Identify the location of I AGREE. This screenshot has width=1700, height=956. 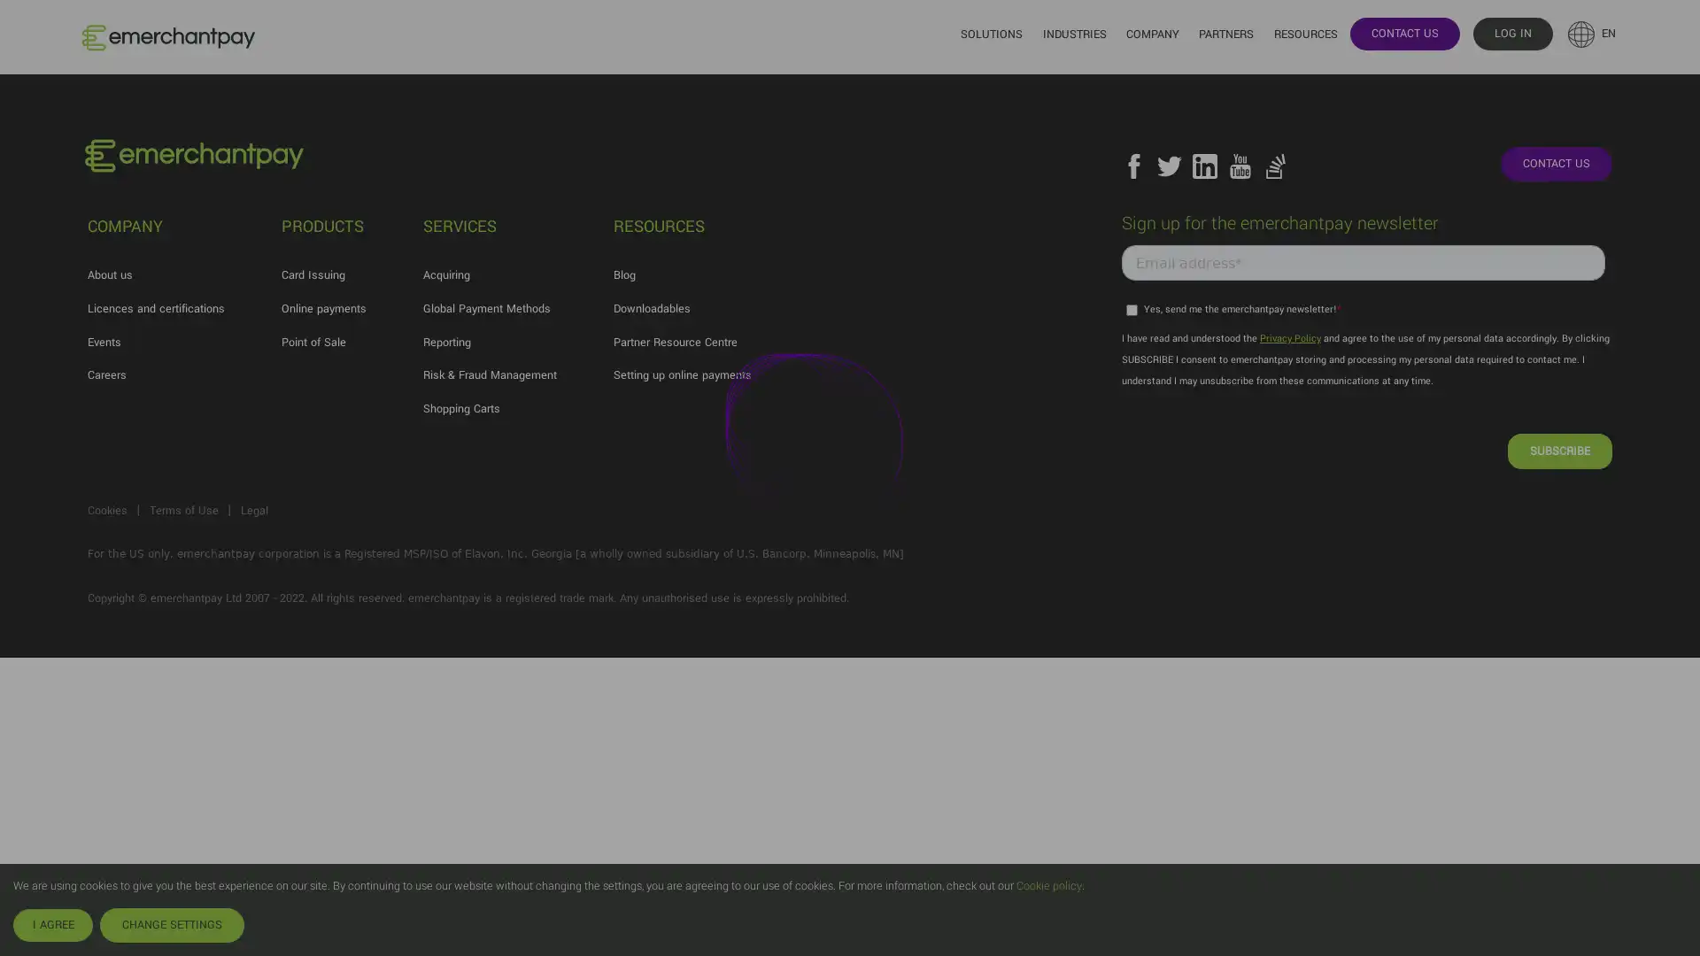
(52, 924).